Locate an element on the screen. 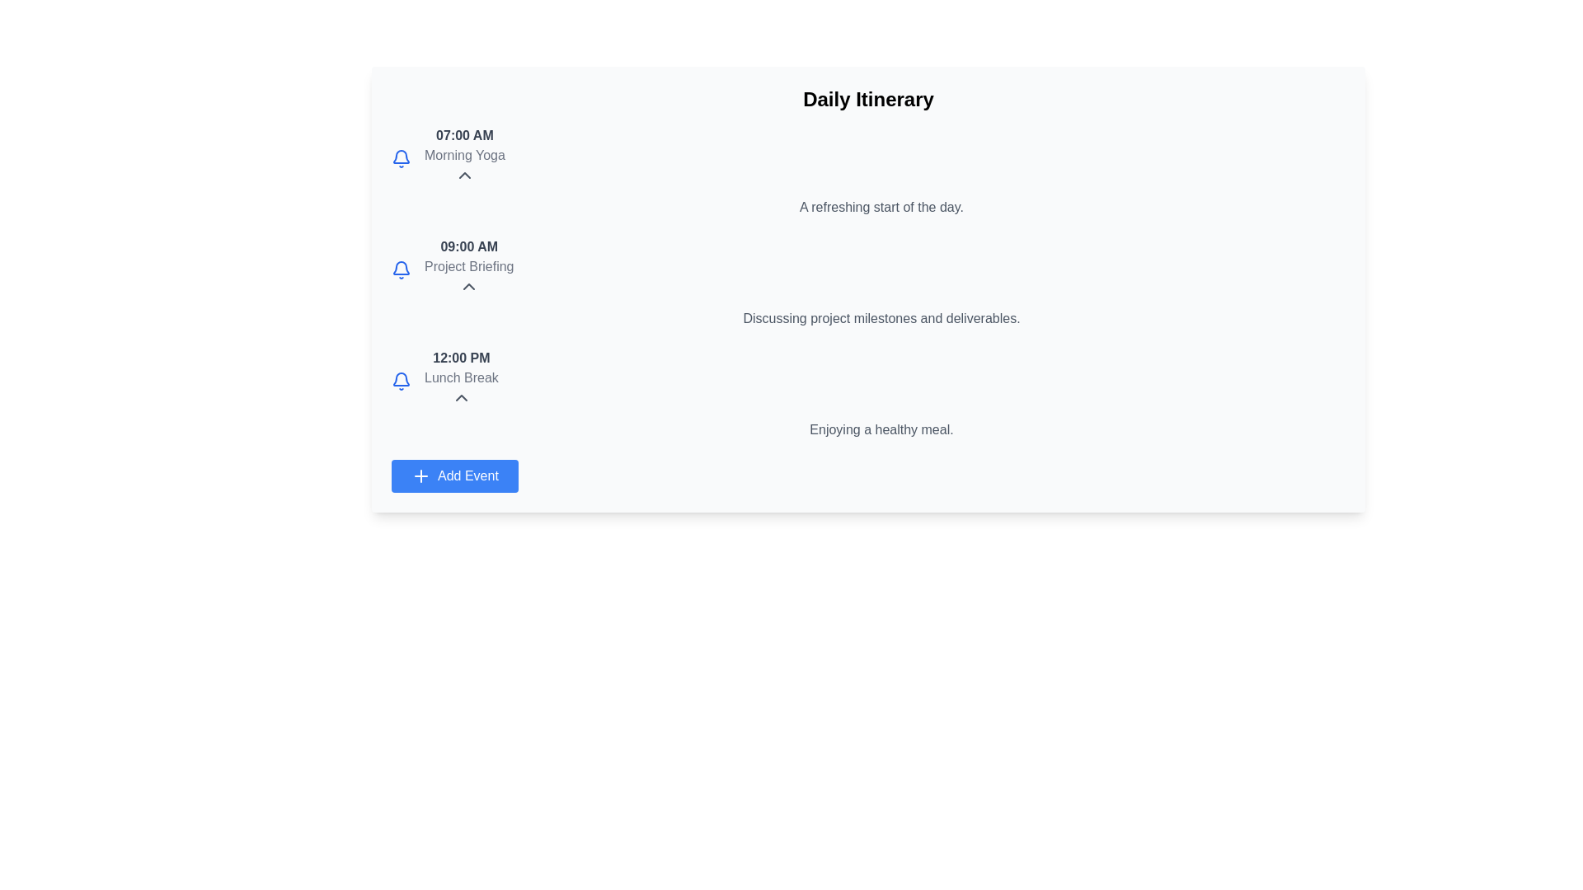 The width and height of the screenshot is (1583, 890). the descriptive text below the '09:00 AM Project Briefing' event is located at coordinates (867, 318).